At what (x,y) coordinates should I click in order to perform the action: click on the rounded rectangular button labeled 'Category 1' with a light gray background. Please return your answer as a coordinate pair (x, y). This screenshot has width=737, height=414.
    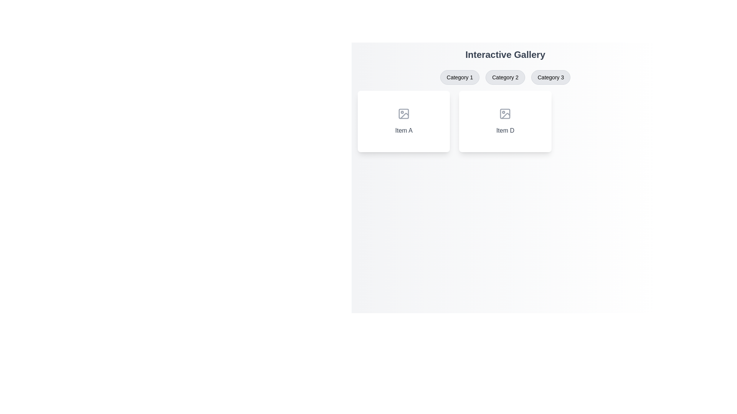
    Looking at the image, I should click on (460, 77).